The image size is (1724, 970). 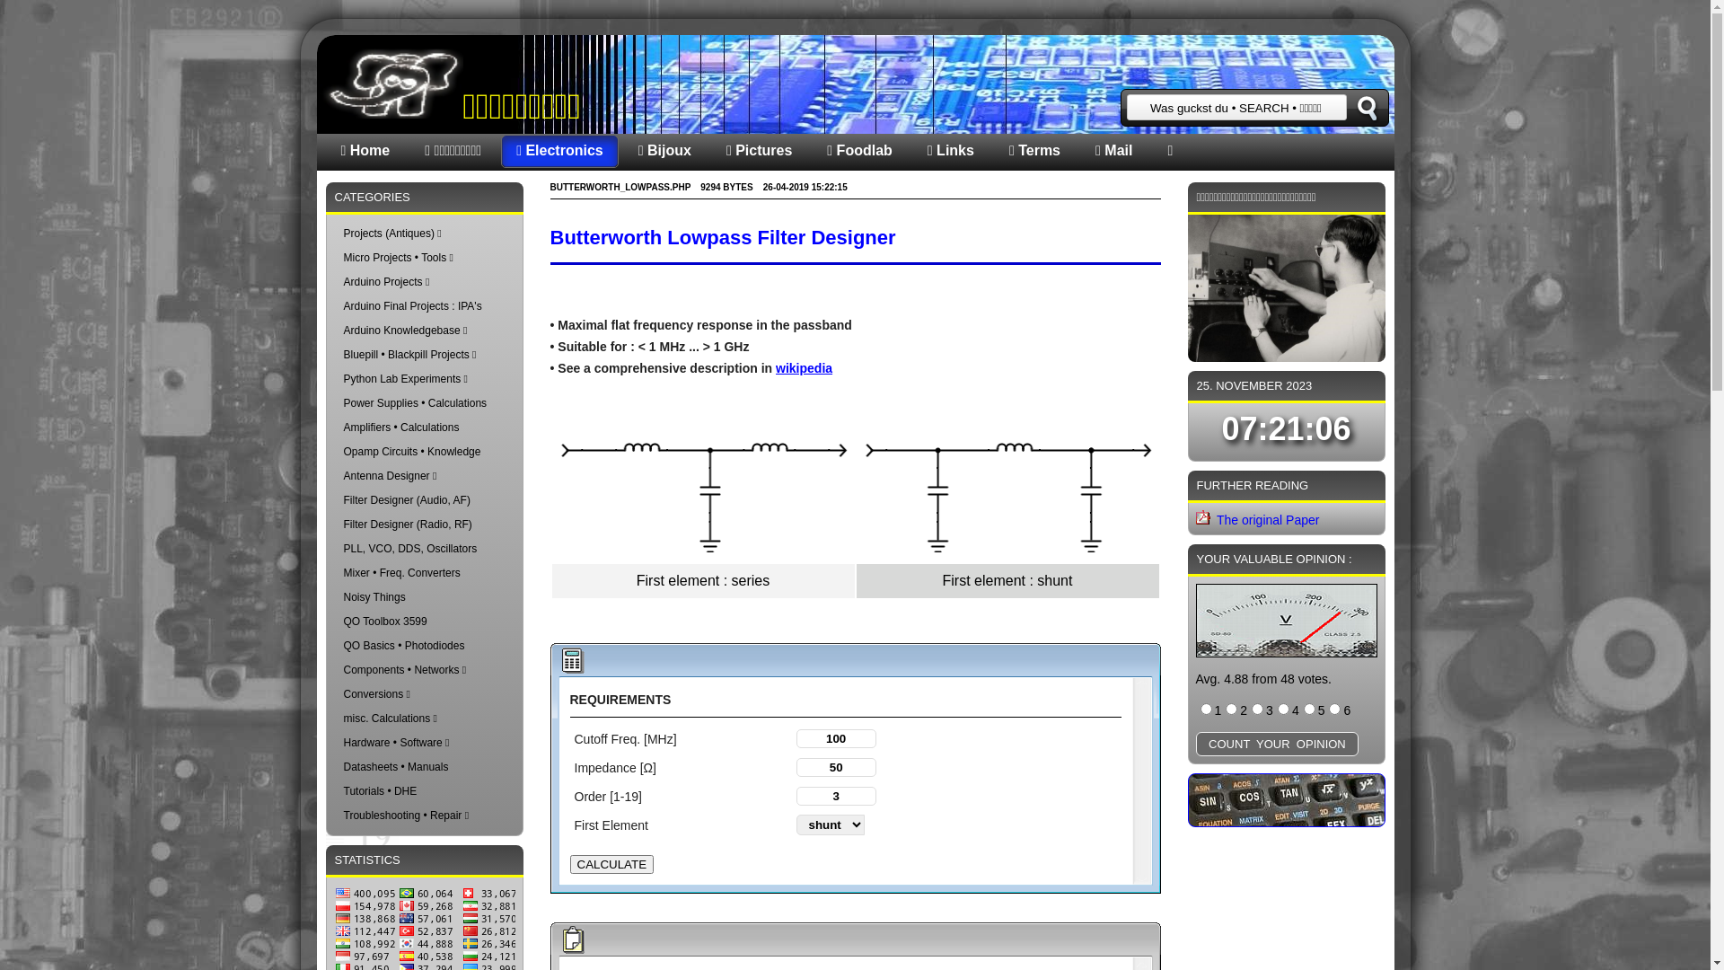 I want to click on 'The original Paper', so click(x=1266, y=519).